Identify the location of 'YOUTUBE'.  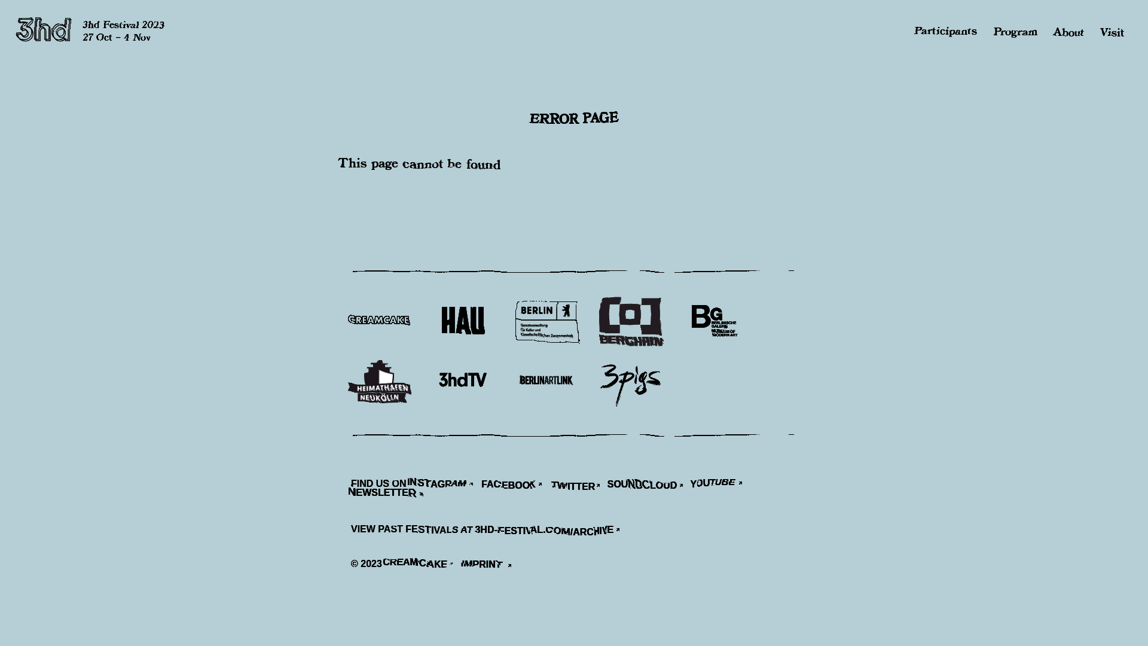
(720, 485).